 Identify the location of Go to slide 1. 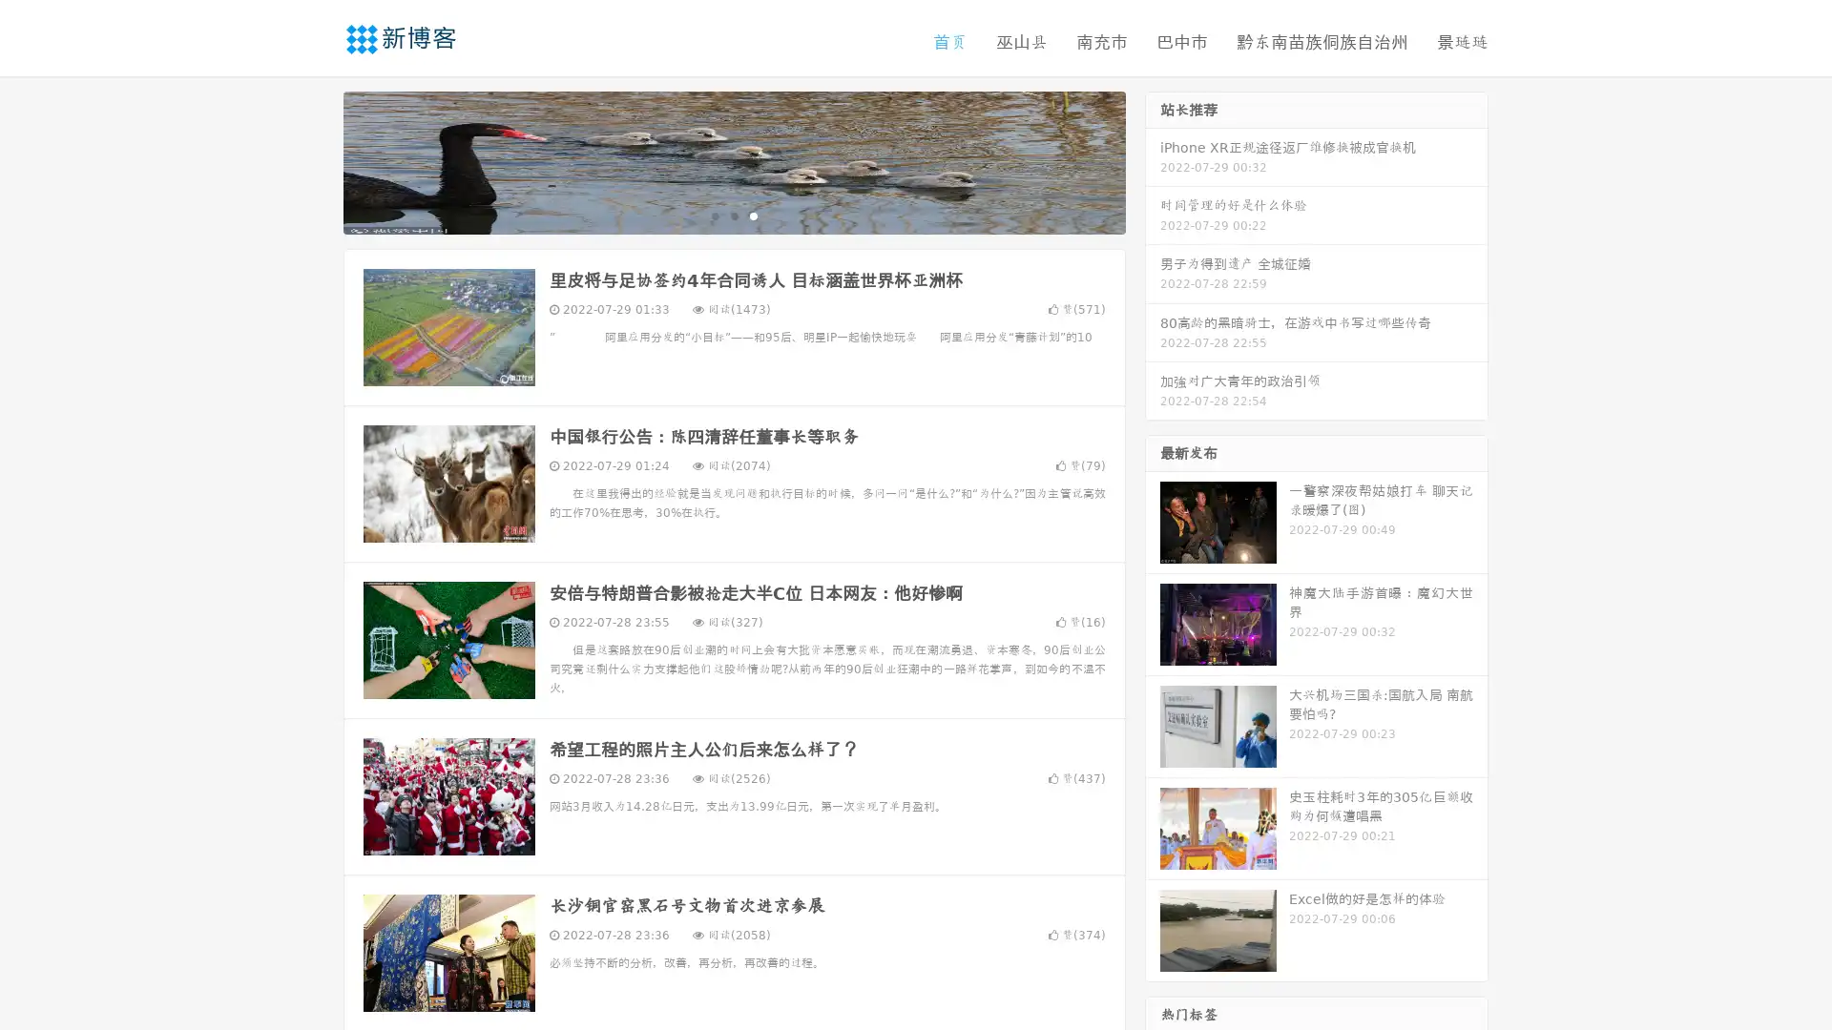
(714, 215).